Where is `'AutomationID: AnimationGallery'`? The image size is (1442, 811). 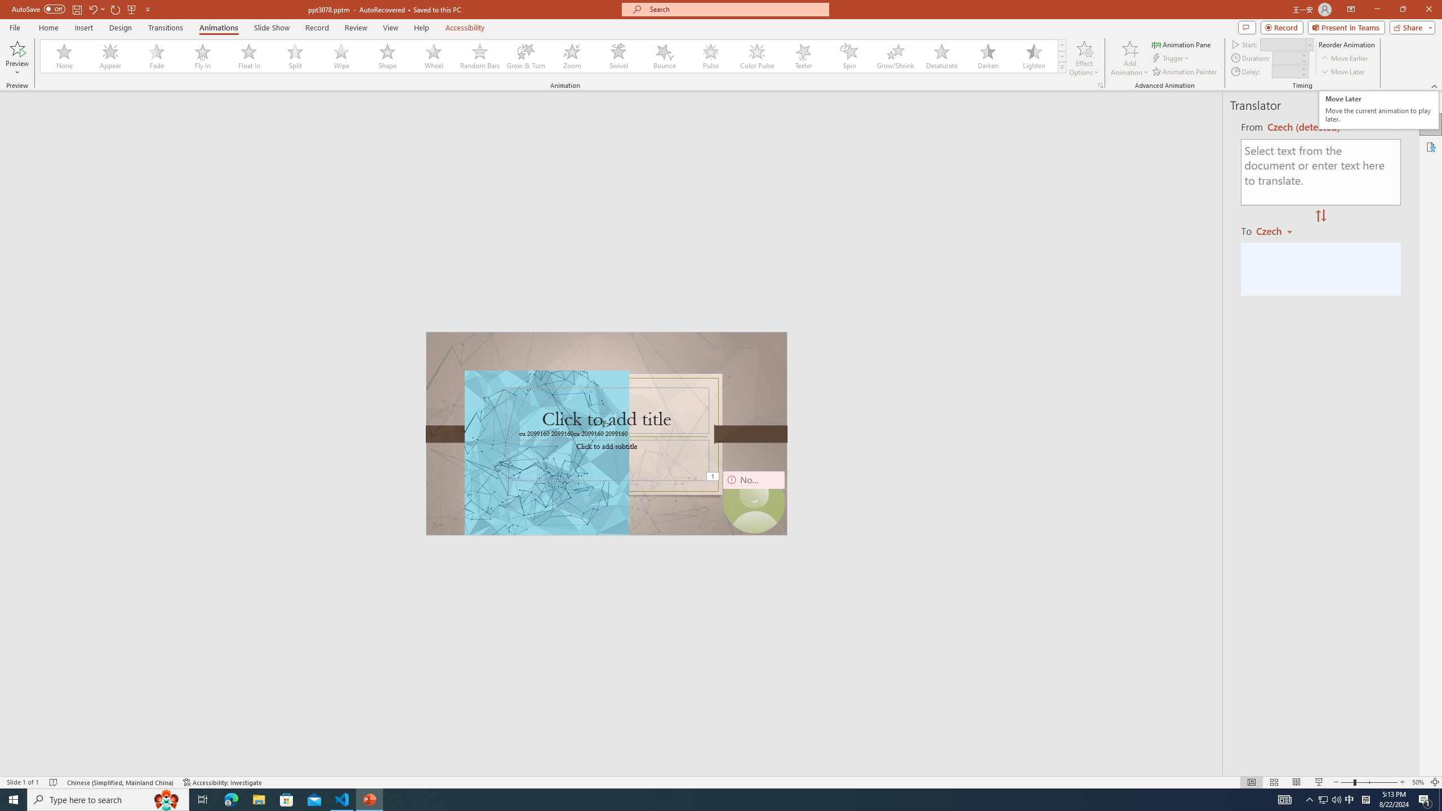 'AutomationID: AnimationGallery' is located at coordinates (553, 56).